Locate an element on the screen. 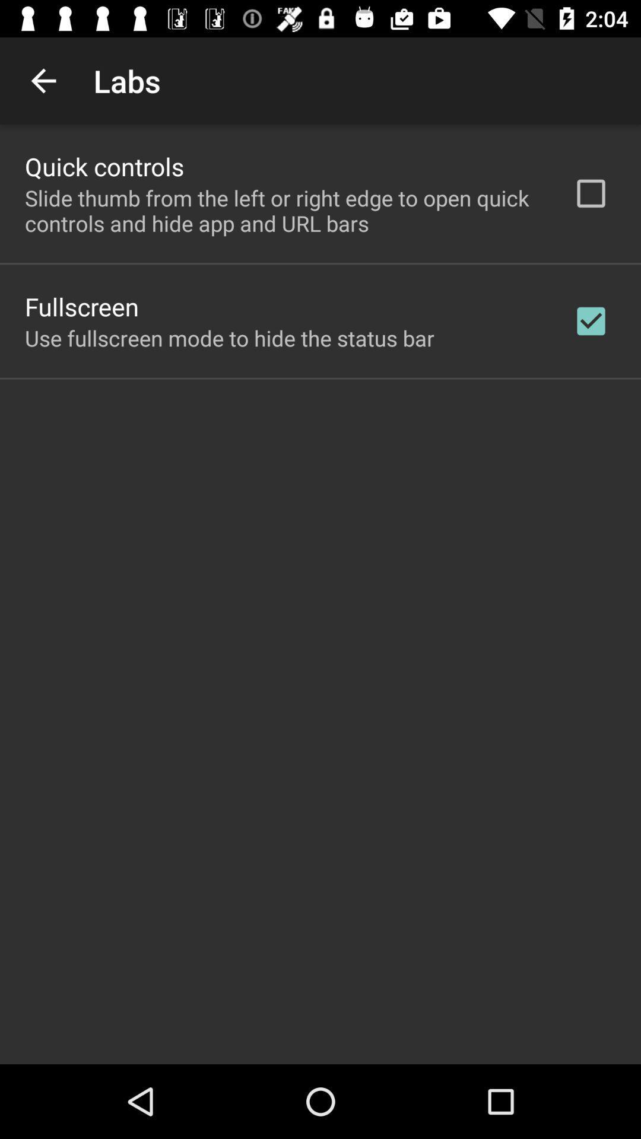 The height and width of the screenshot is (1139, 641). item above quick controls icon is located at coordinates (43, 80).